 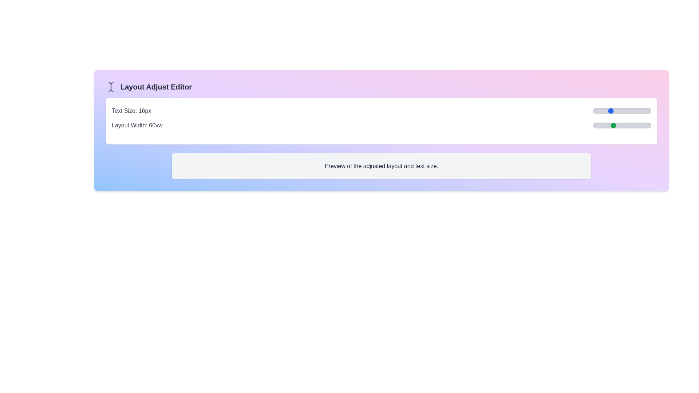 I want to click on the slider, so click(x=647, y=111).